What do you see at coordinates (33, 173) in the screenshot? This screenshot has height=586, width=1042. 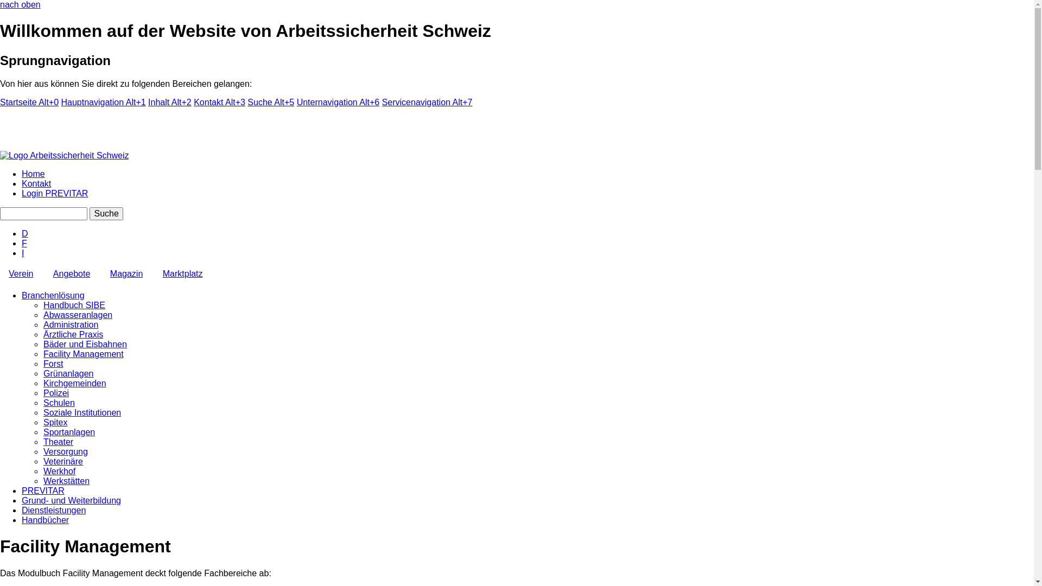 I see `'Home'` at bounding box center [33, 173].